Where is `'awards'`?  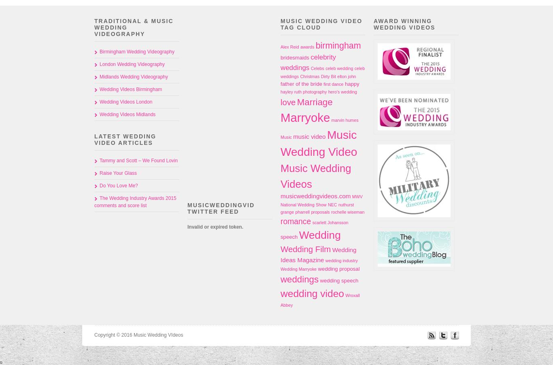 'awards' is located at coordinates (300, 47).